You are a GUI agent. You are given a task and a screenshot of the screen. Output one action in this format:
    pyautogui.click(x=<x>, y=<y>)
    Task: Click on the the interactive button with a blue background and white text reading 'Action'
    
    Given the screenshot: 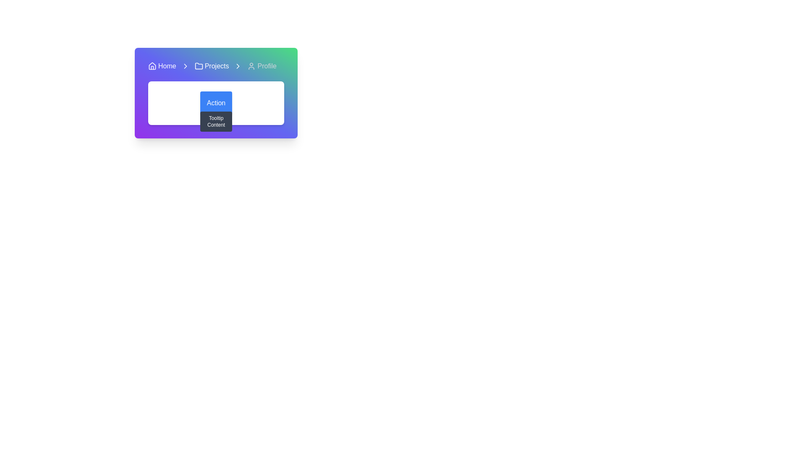 What is the action you would take?
    pyautogui.click(x=216, y=103)
    